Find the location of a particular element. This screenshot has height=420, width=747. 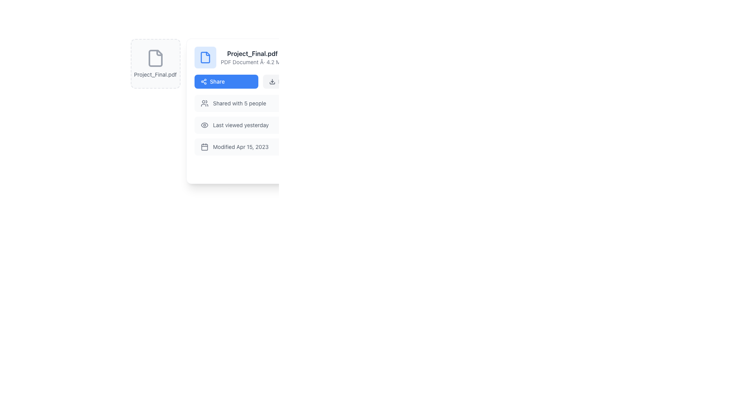

the calendar icon located to the left of the 'Modified Apr 15, 2023' text to possibly reveal tooltips is located at coordinates (204, 147).